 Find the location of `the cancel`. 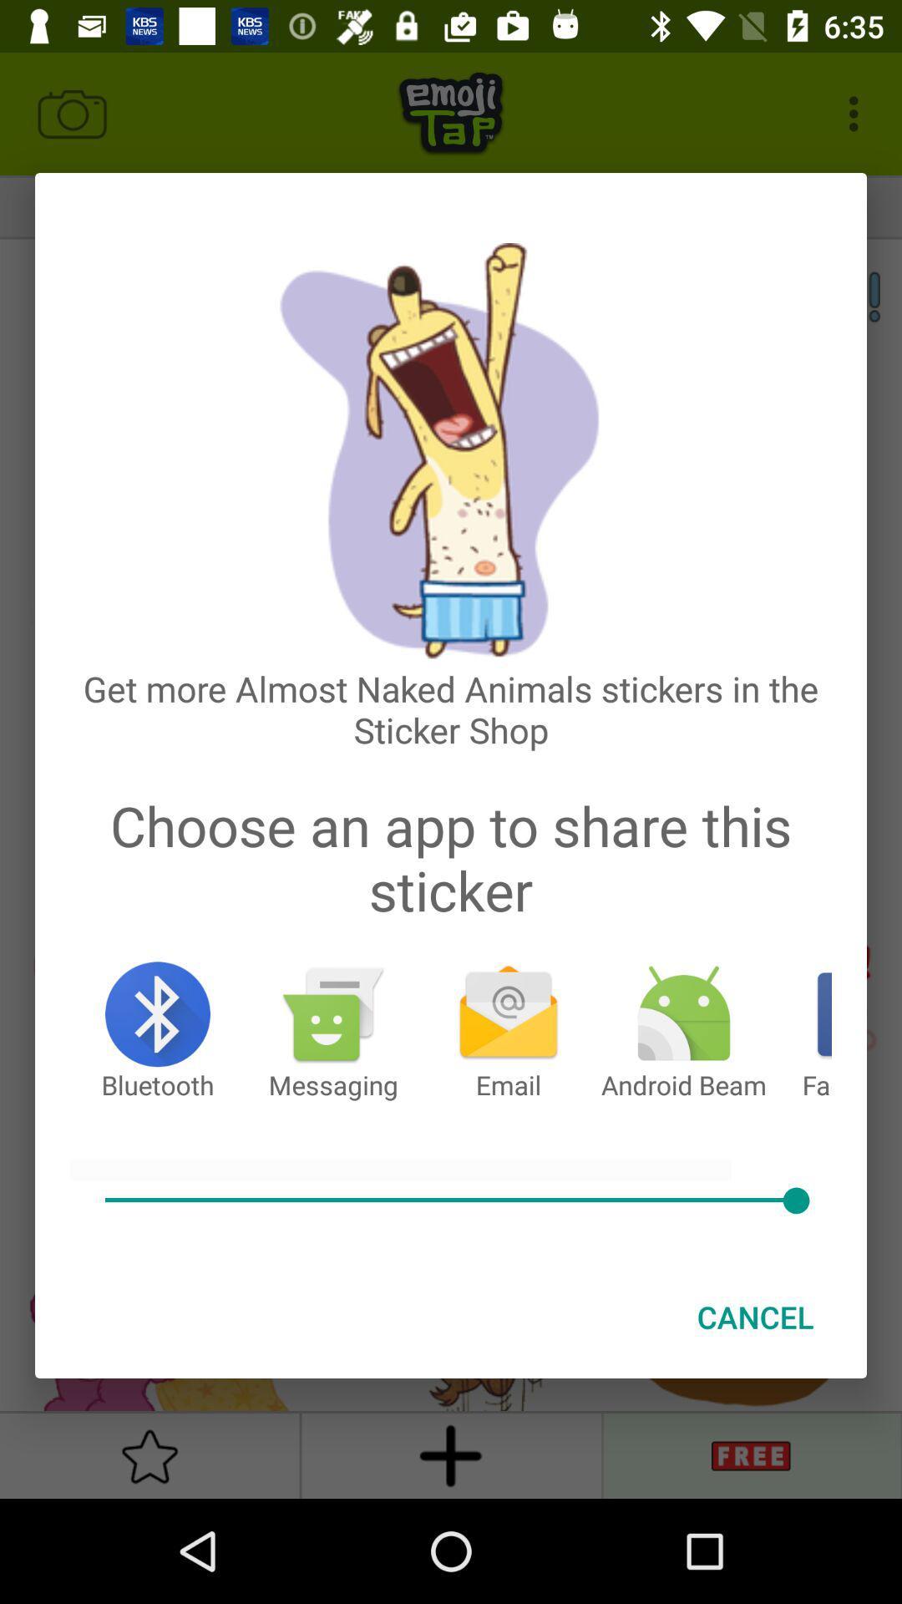

the cancel is located at coordinates (755, 1316).